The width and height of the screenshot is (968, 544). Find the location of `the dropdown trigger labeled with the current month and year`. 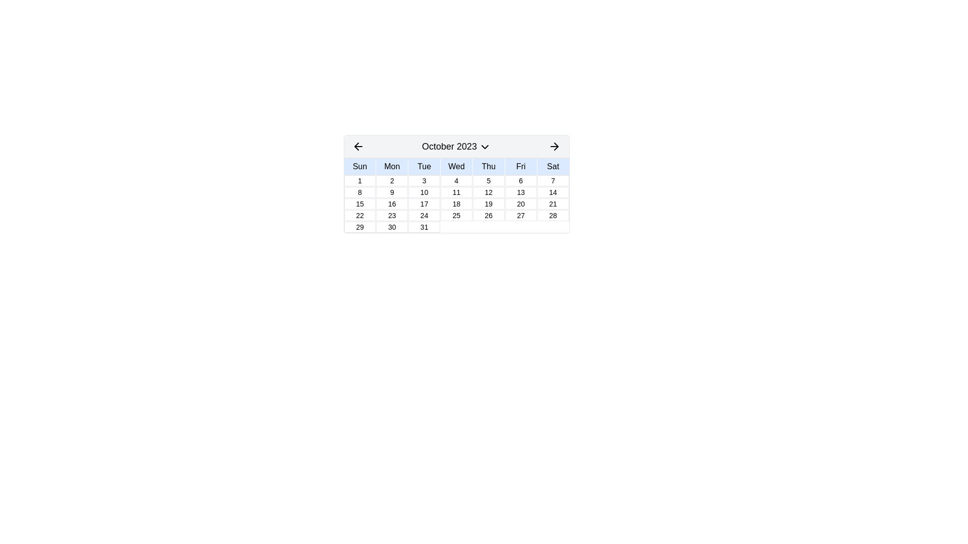

the dropdown trigger labeled with the current month and year is located at coordinates (456, 146).